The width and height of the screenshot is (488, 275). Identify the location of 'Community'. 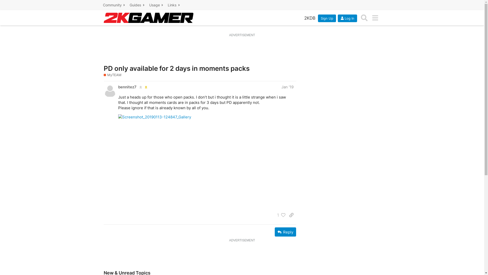
(114, 5).